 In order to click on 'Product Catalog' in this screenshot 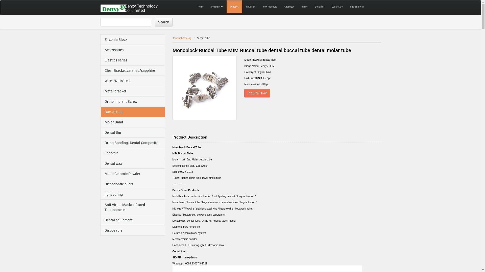, I will do `click(182, 38)`.